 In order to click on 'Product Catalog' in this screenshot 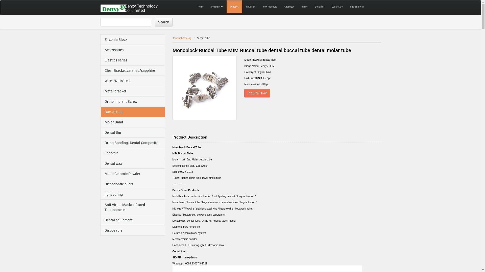, I will do `click(182, 38)`.